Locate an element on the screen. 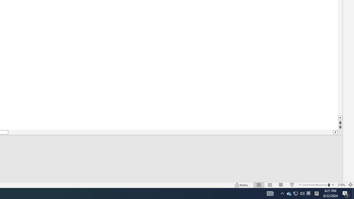  'Zoom 376%' is located at coordinates (341, 185).